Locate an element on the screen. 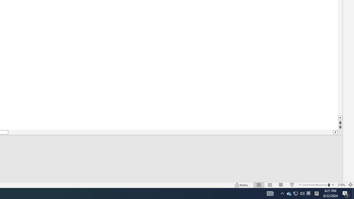  'Zoom 376%' is located at coordinates (341, 185).